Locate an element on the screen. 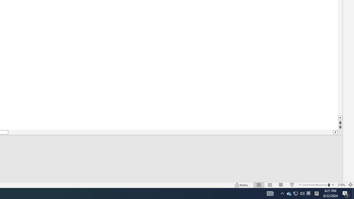  'Zoom 376%' is located at coordinates (341, 185).